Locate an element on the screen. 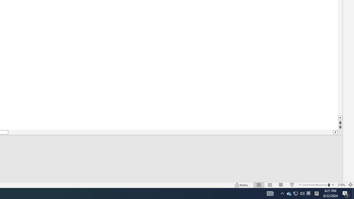  'Zoom 376%' is located at coordinates (341, 185).